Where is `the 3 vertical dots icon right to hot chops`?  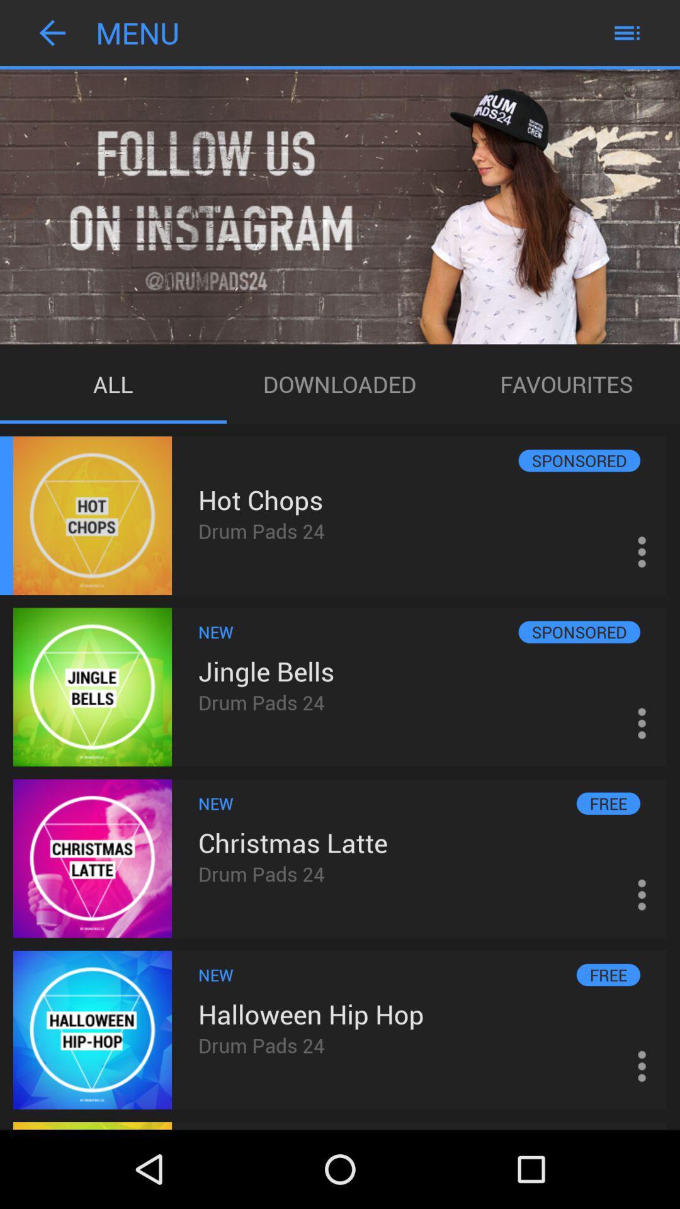
the 3 vertical dots icon right to hot chops is located at coordinates (642, 552).